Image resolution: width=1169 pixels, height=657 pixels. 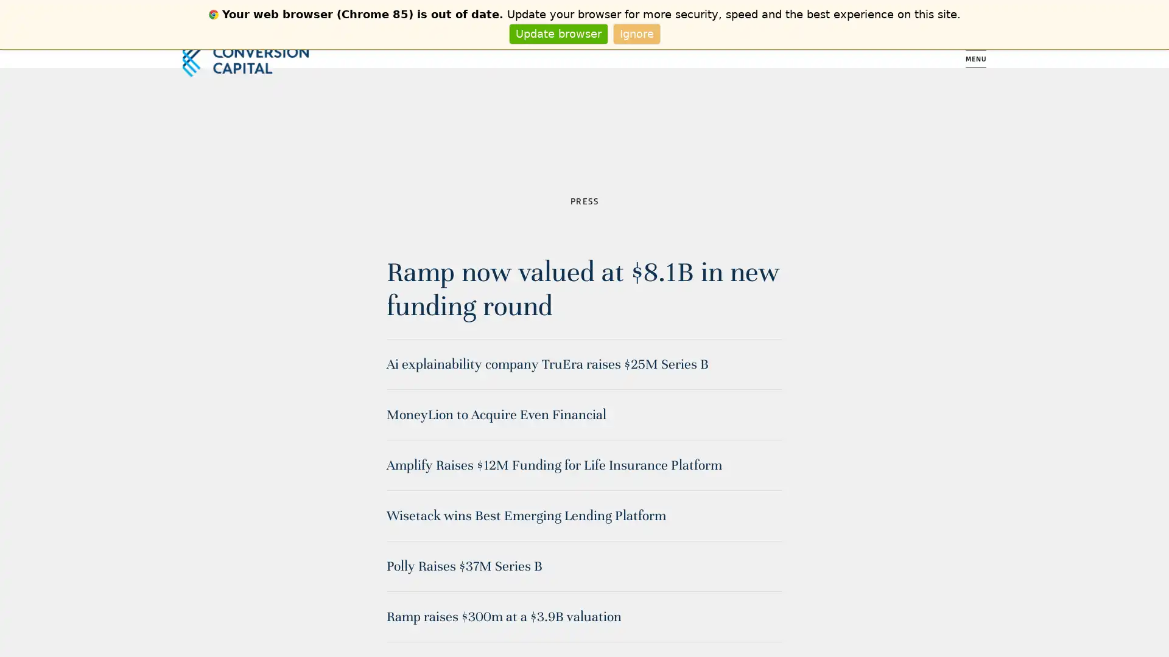 I want to click on MENU, so click(x=976, y=58).